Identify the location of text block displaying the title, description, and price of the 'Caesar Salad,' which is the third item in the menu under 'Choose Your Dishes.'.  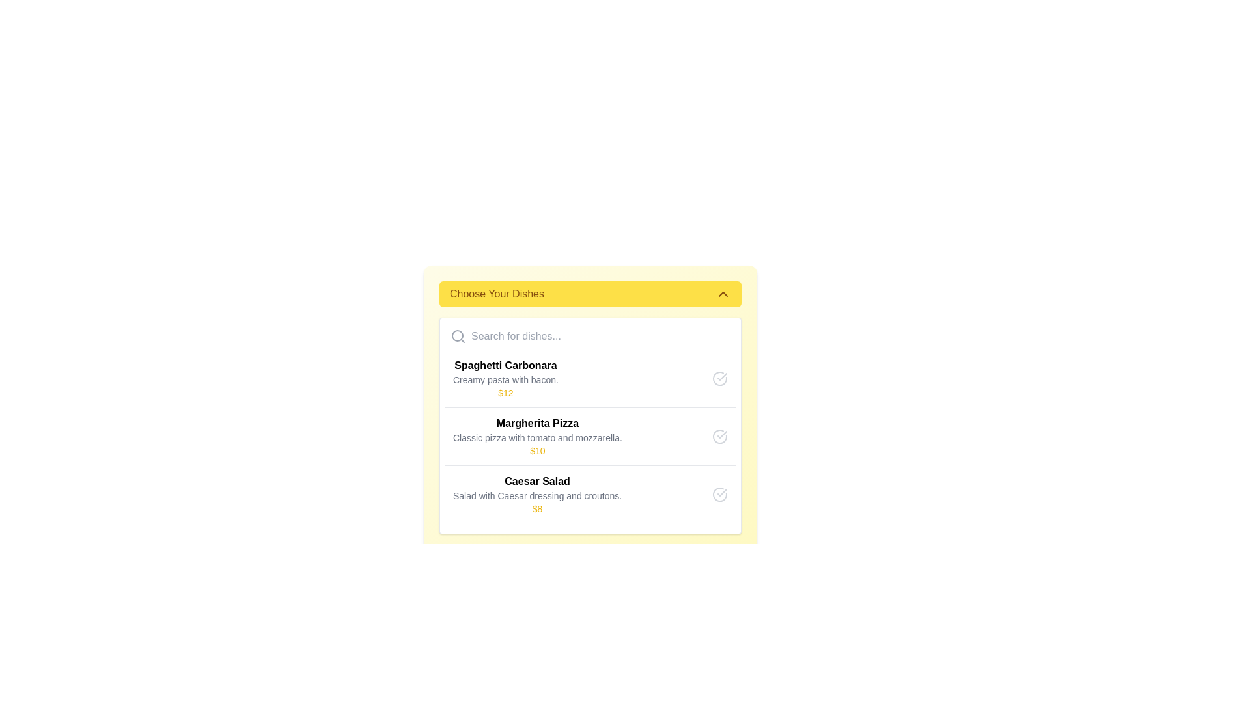
(537, 494).